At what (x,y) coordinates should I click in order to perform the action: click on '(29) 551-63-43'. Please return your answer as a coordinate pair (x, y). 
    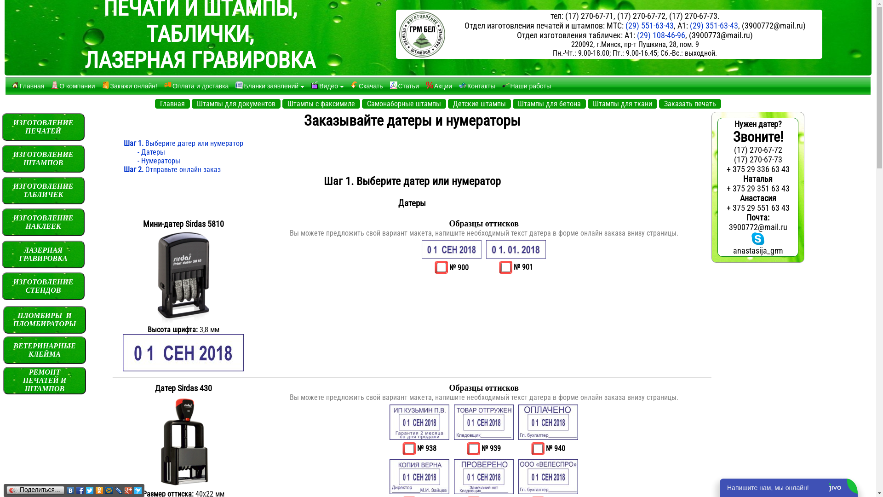
    Looking at the image, I should click on (625, 25).